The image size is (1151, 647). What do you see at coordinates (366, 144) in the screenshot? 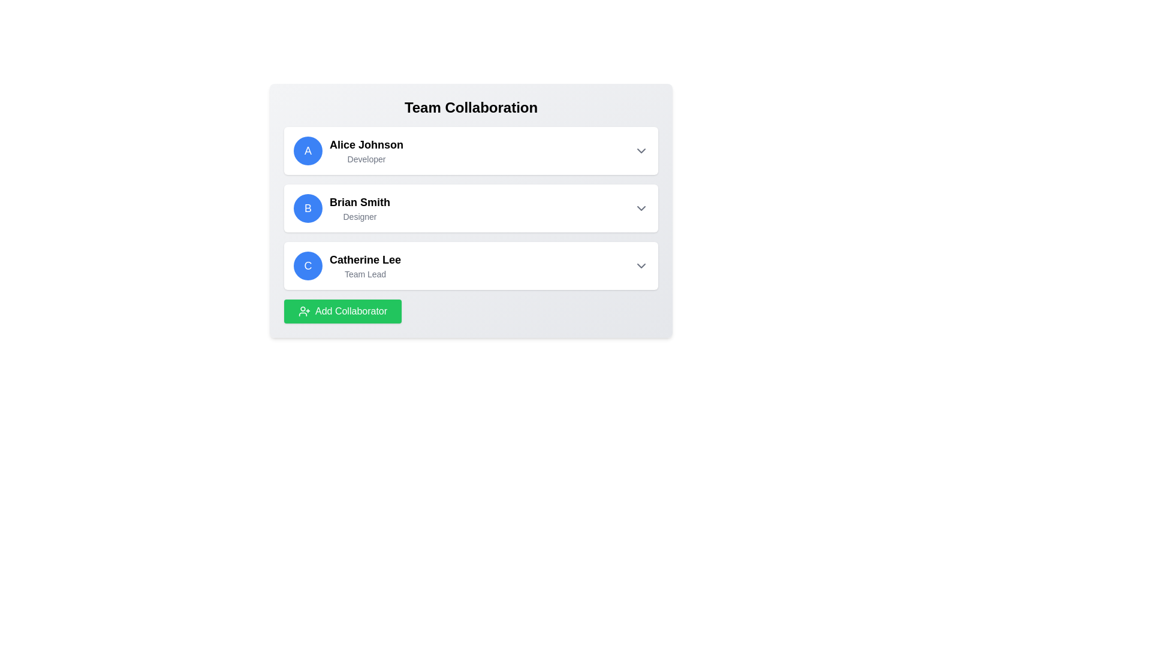
I see `the text label identifying the team member 'Alice Johnson' located in the first item of the 'Team Collaboration' list, positioned to the right of the circular icon labeled 'A'` at bounding box center [366, 144].